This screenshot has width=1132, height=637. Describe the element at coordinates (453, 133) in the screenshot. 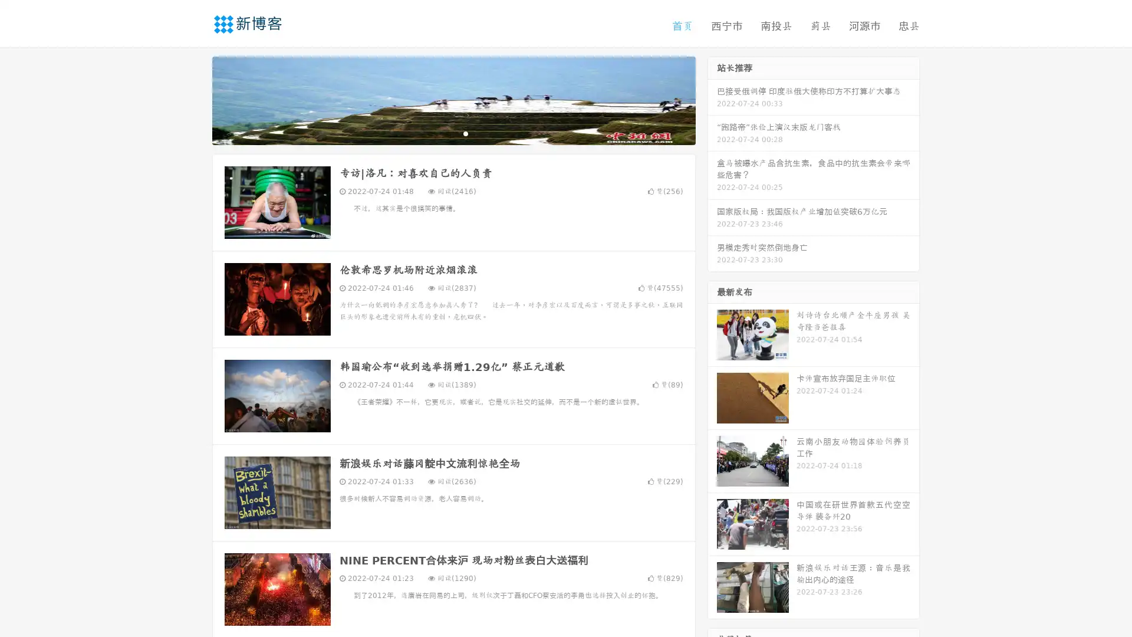

I see `Go to slide 2` at that location.